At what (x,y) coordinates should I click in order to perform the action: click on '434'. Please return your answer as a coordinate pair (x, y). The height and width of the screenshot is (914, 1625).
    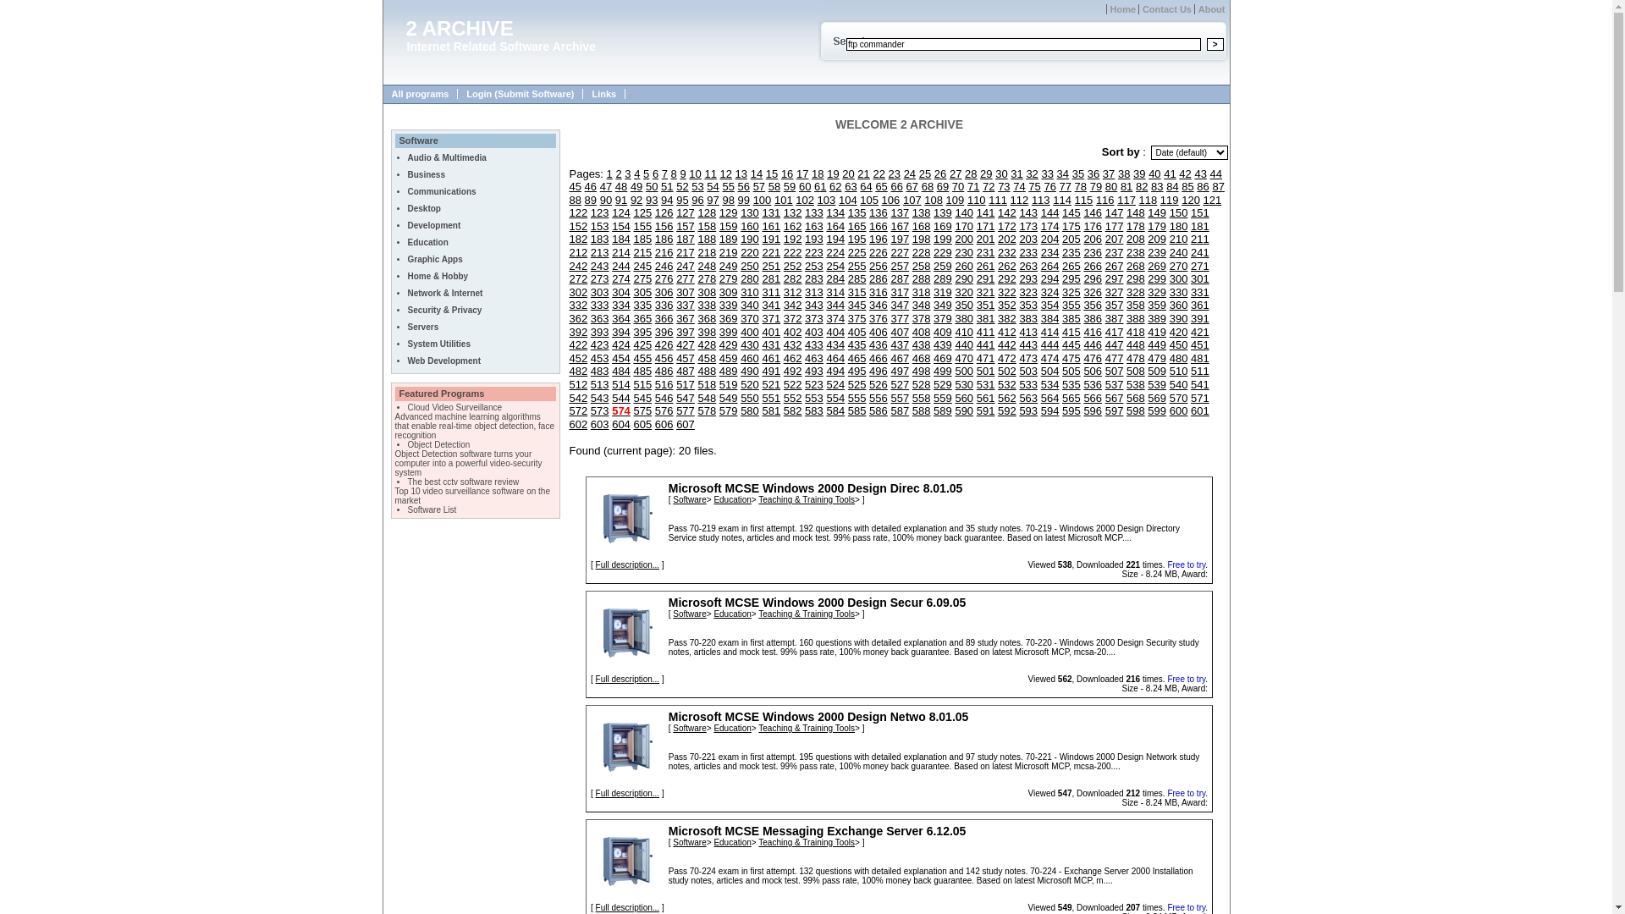
    Looking at the image, I should click on (835, 344).